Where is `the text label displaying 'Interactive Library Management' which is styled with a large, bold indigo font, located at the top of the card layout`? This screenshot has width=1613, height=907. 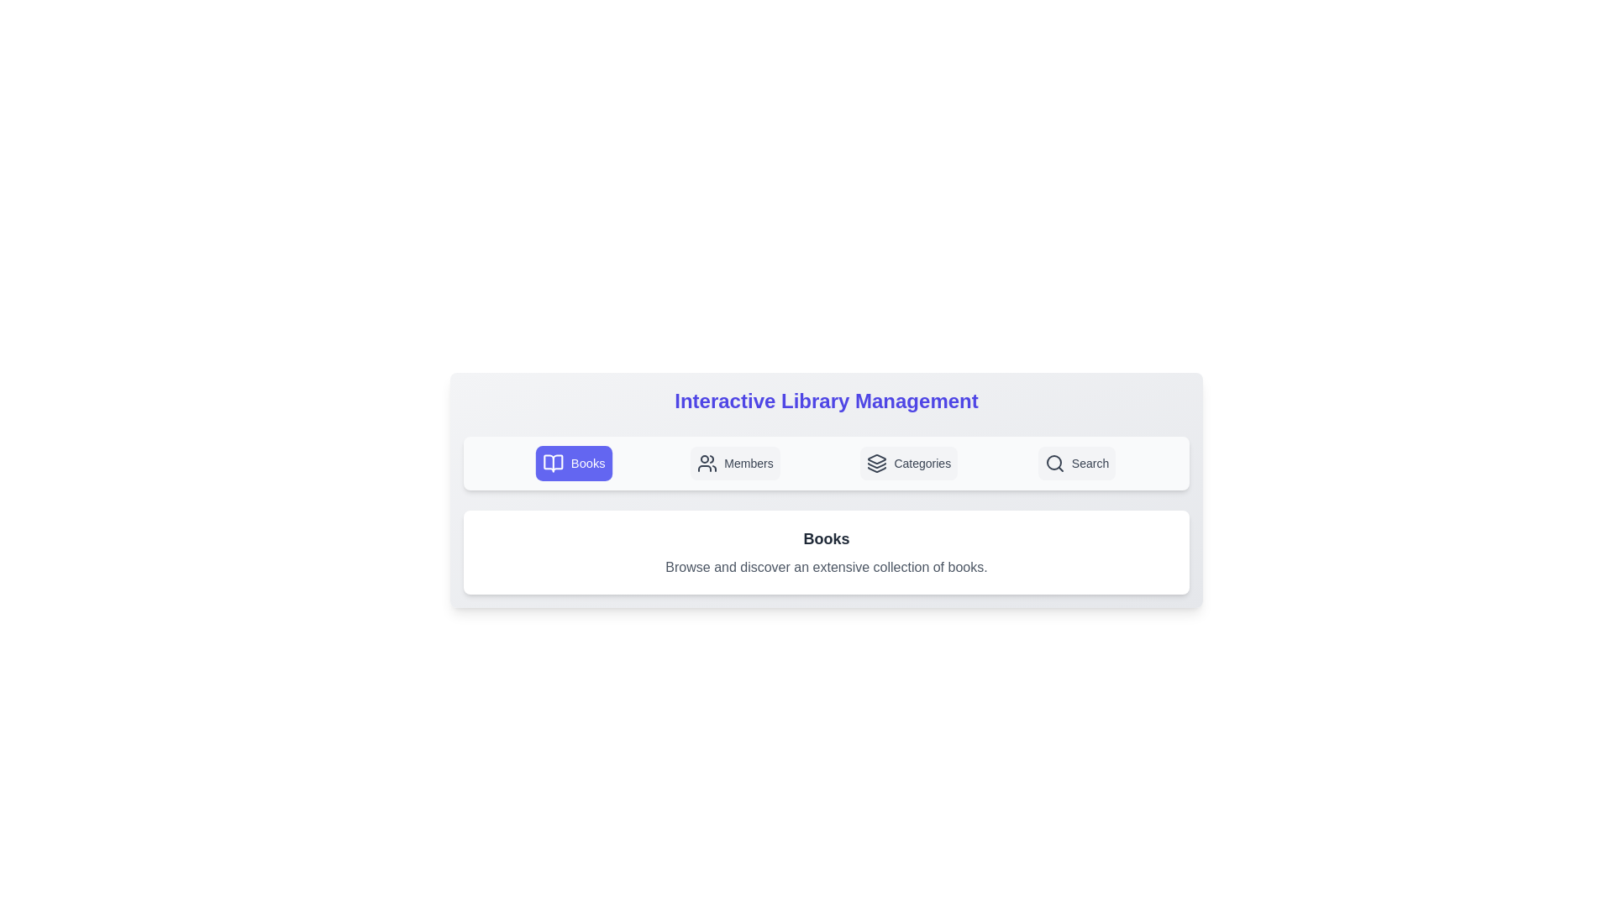
the text label displaying 'Interactive Library Management' which is styled with a large, bold indigo font, located at the top of the card layout is located at coordinates (826, 401).